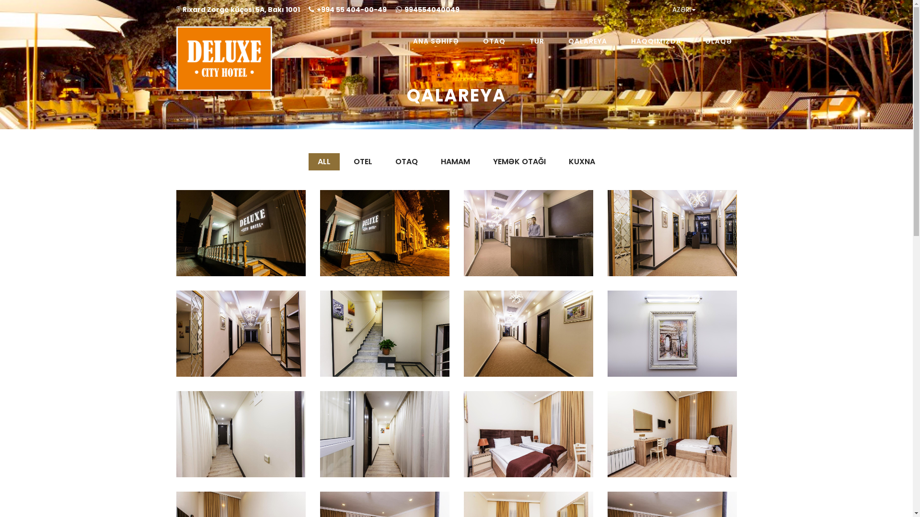 This screenshot has width=920, height=517. Describe the element at coordinates (671, 233) in the screenshot. I see `'Otel'` at that location.